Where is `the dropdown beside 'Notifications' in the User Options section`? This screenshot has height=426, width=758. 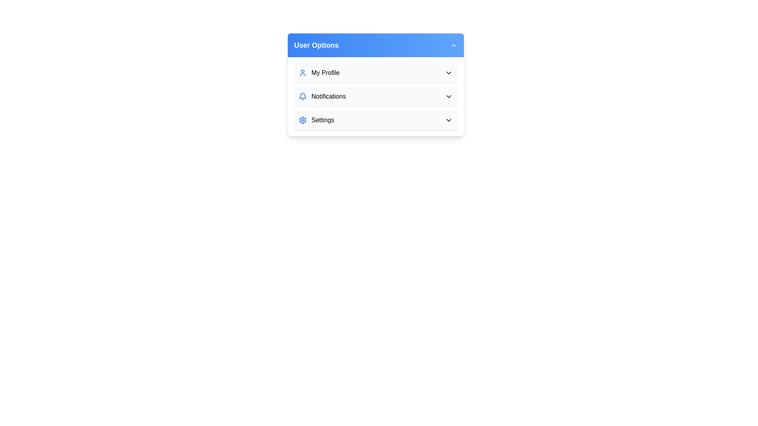
the dropdown beside 'Notifications' in the User Options section is located at coordinates (375, 96).